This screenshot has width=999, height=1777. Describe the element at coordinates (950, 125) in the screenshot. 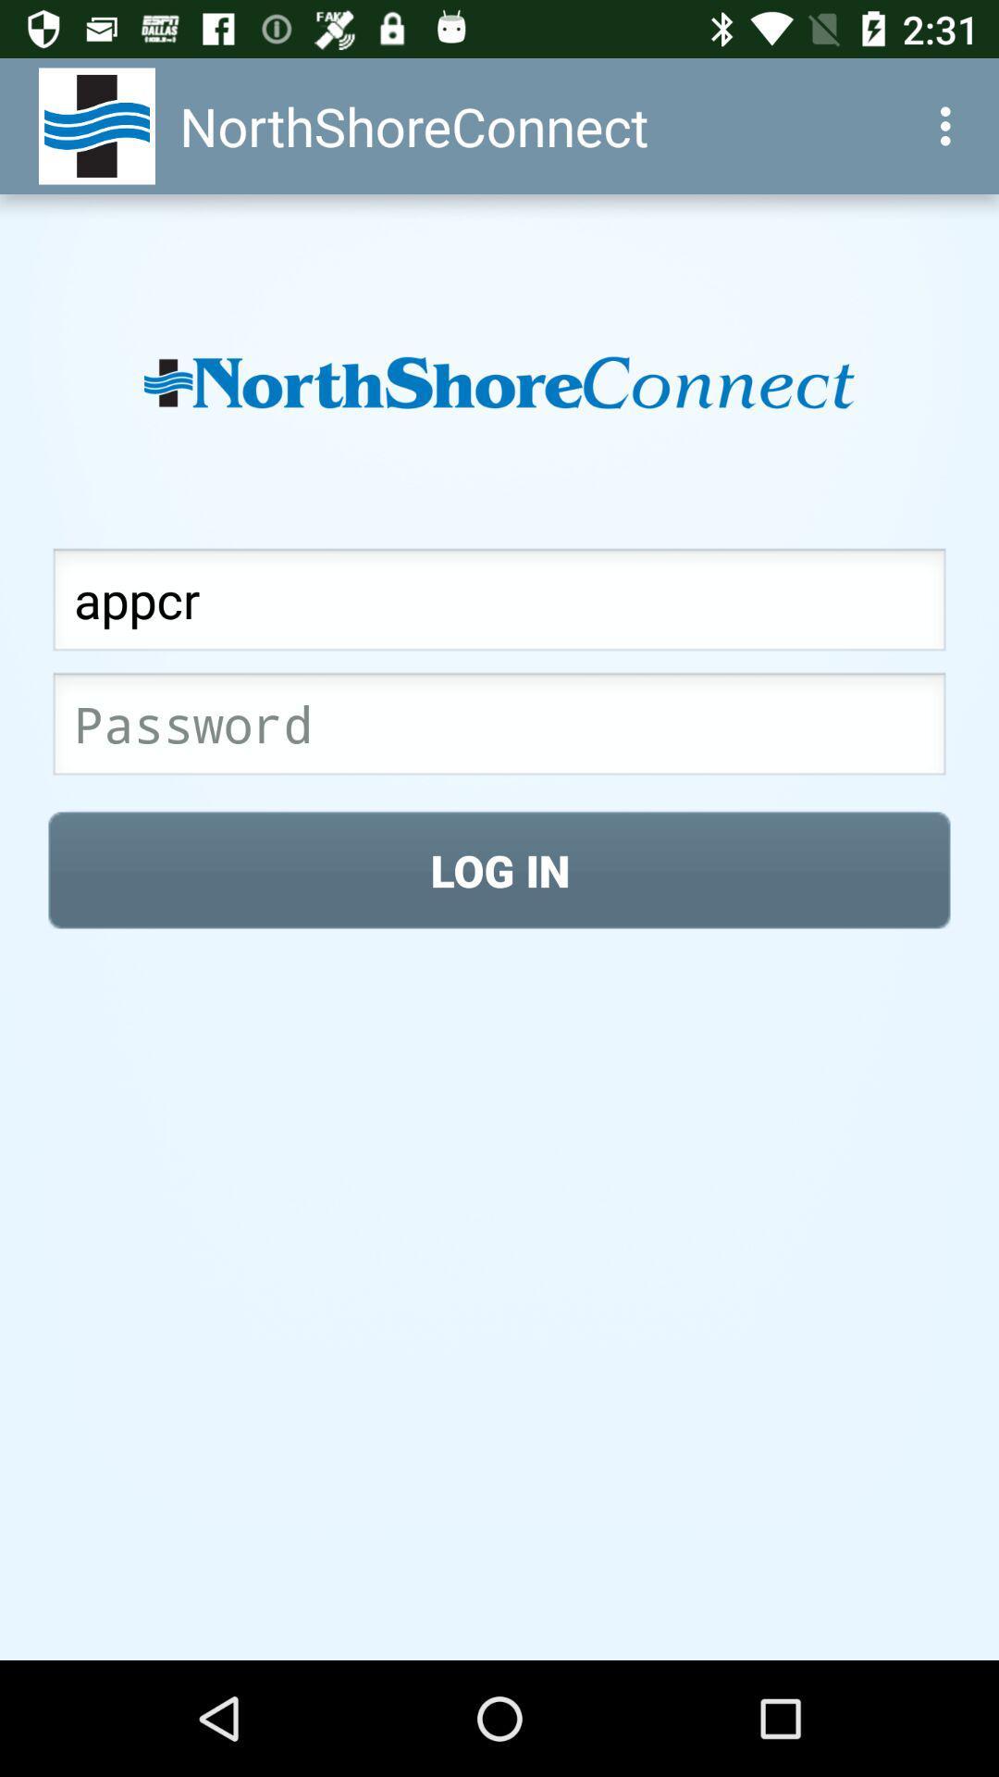

I see `icon at the top right corner` at that location.